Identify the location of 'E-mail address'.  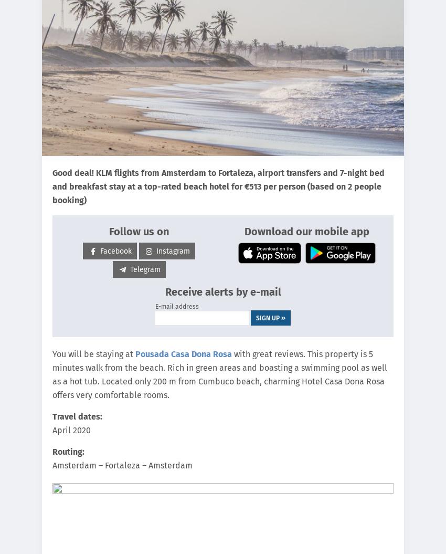
(177, 306).